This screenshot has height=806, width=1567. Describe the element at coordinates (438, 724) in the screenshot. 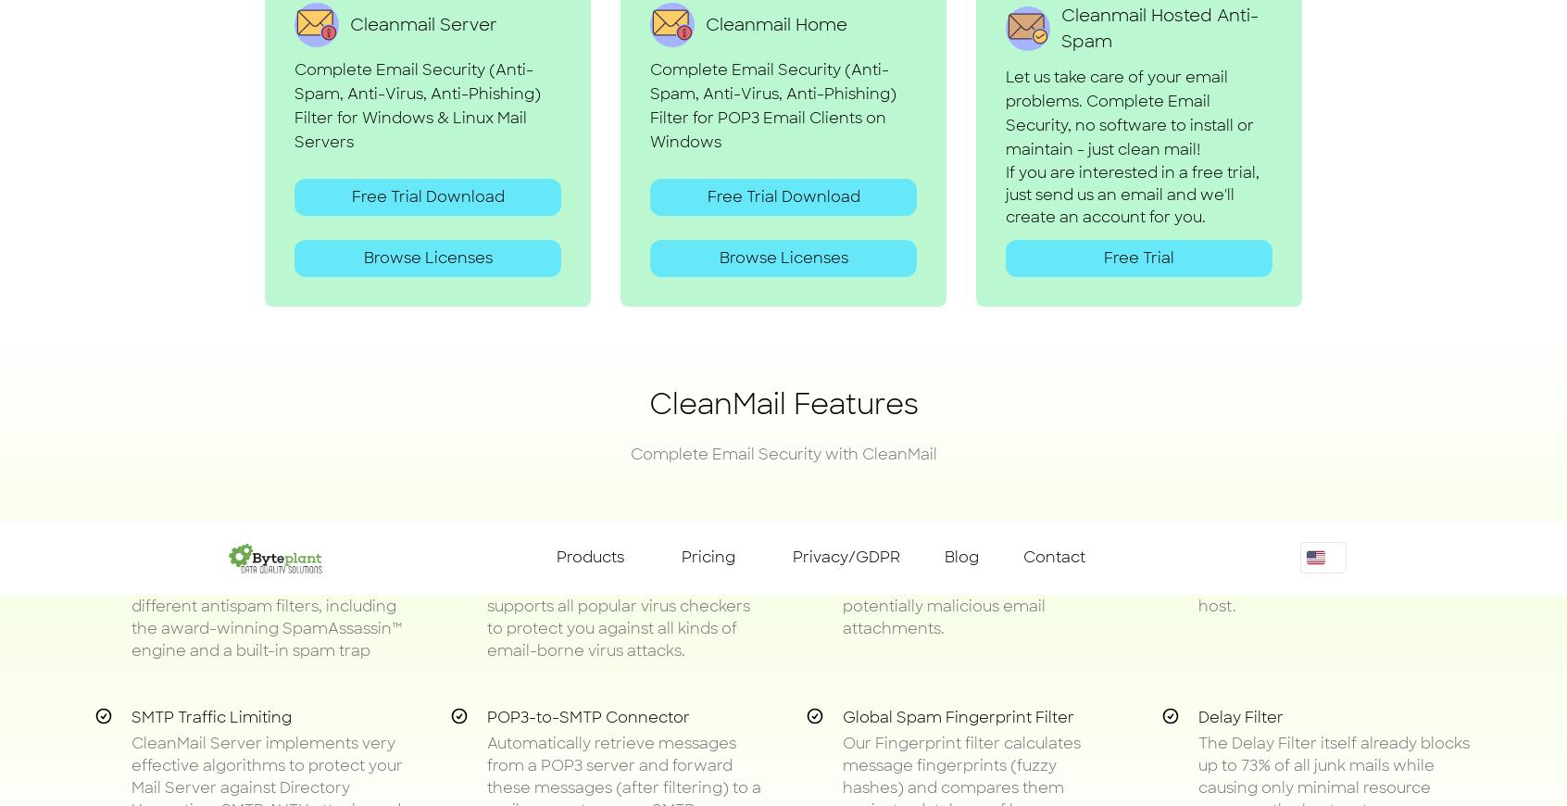

I see `'Why do I
                        seem to get email addressed to other people?'` at that location.